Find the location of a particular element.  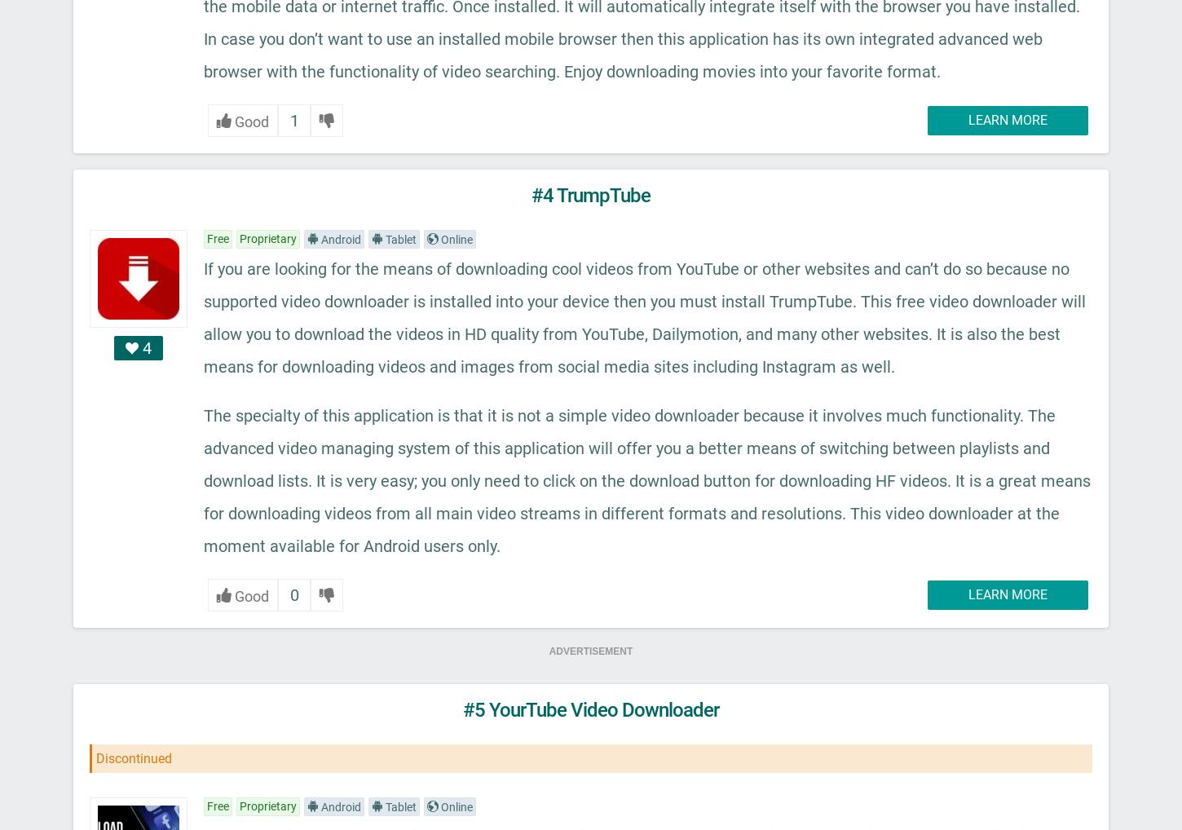

'#5 YourTube Video Downloader' is located at coordinates (462, 709).